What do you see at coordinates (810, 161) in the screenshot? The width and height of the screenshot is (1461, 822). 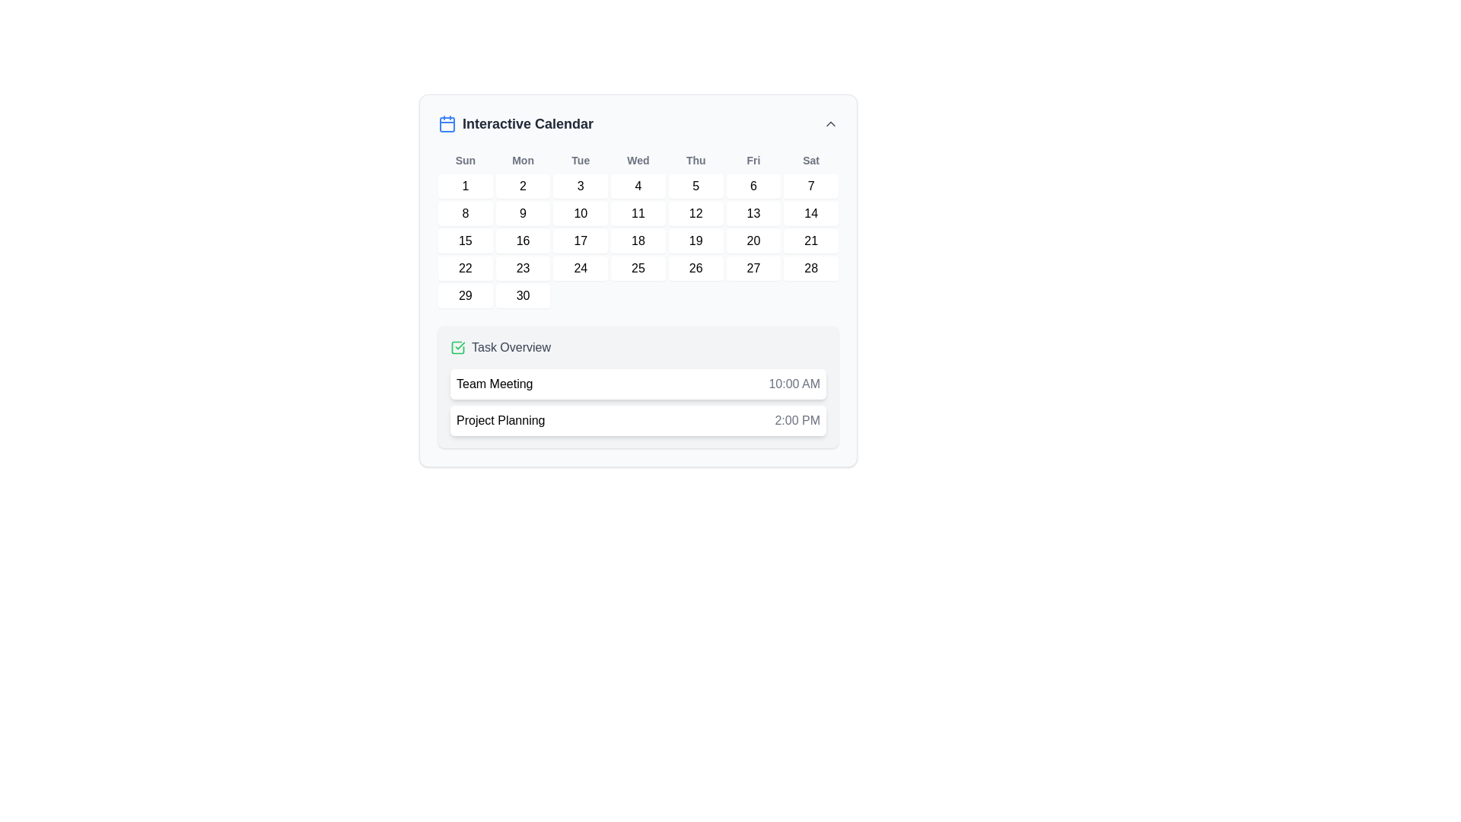 I see `the static text label displaying 'Sat', which is the last element in the row of weekday labels in the calendar header` at bounding box center [810, 161].